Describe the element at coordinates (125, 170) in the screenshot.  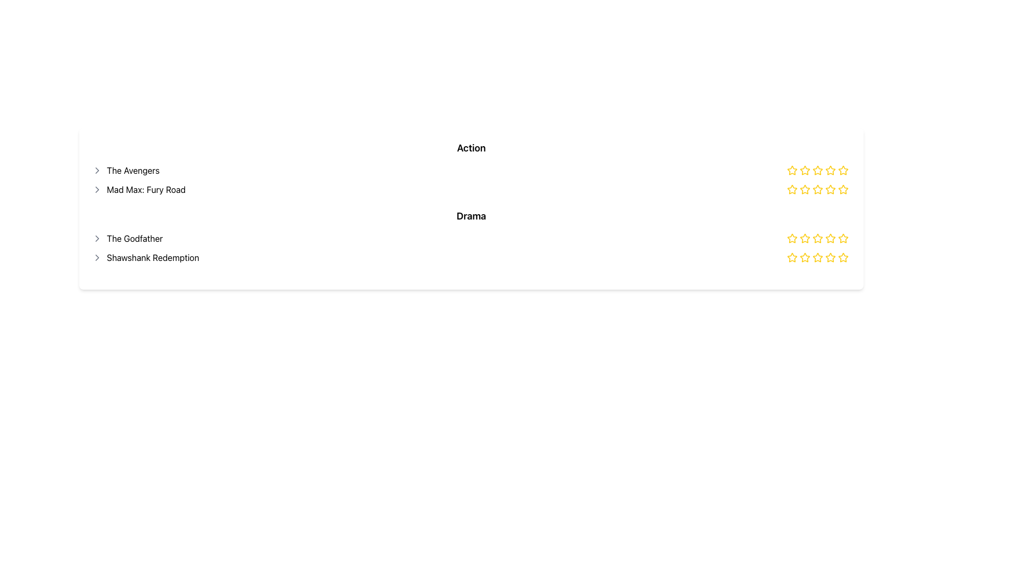
I see `the Text Label displaying the movie name 'The Avengers', which is the first item in a vertical list of movie titles` at that location.